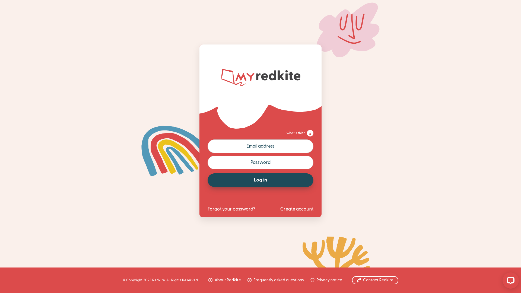 The width and height of the screenshot is (521, 293). Describe the element at coordinates (326, 280) in the screenshot. I see `'Privacy notice'` at that location.